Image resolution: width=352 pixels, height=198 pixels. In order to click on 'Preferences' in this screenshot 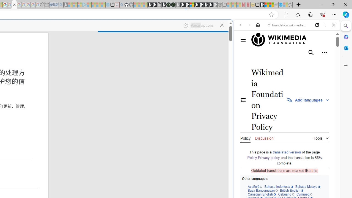, I will do `click(327, 62)`.